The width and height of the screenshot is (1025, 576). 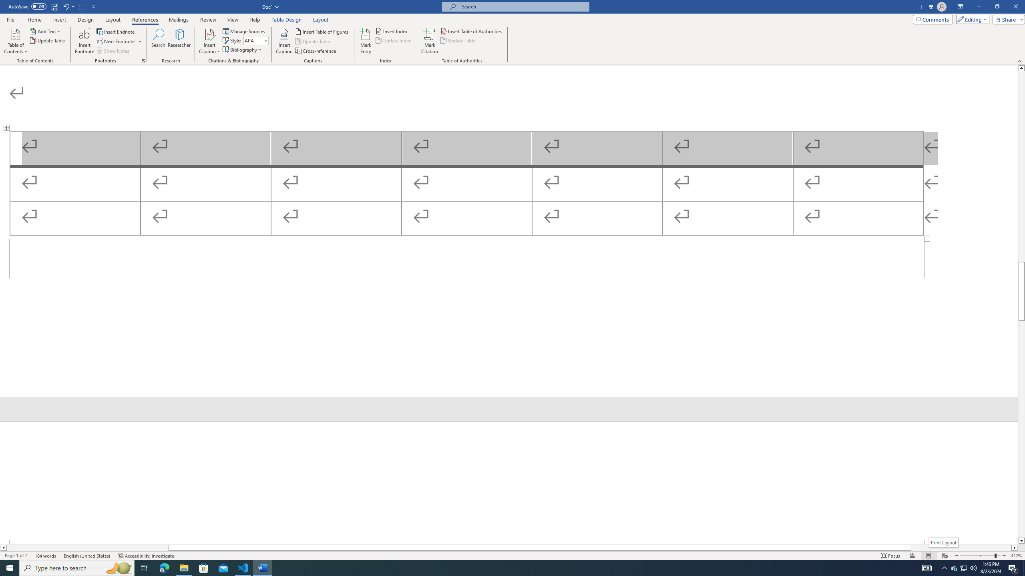 What do you see at coordinates (84, 41) in the screenshot?
I see `'Insert Footnote'` at bounding box center [84, 41].